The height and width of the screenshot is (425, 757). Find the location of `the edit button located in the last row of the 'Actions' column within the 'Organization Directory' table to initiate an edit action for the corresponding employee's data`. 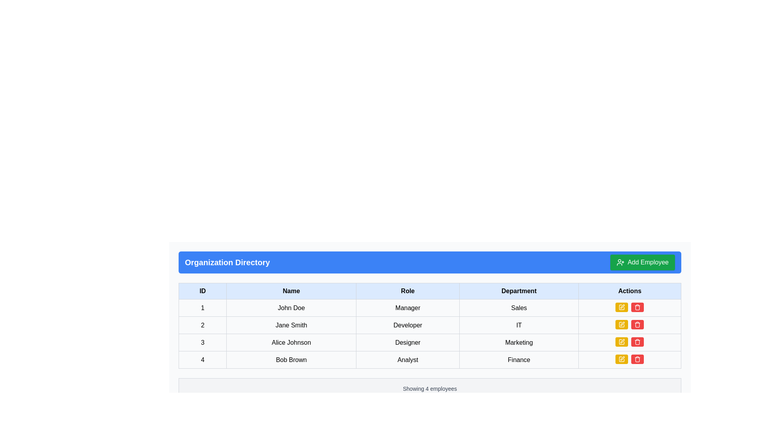

the edit button located in the last row of the 'Actions' column within the 'Organization Directory' table to initiate an edit action for the corresponding employee's data is located at coordinates (621, 359).